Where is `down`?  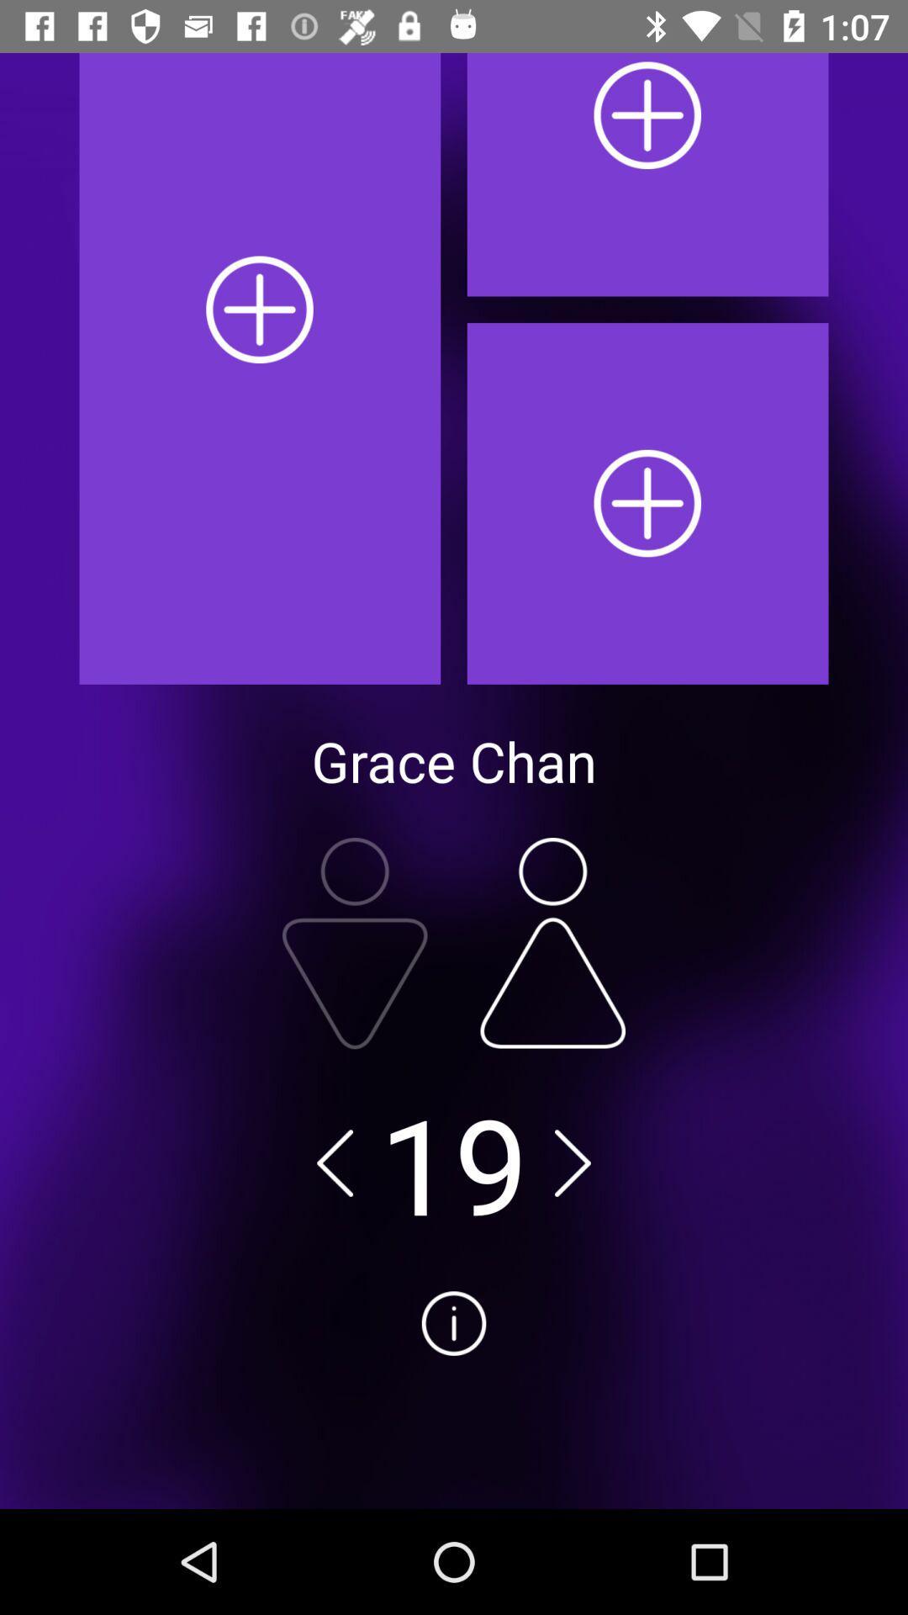
down is located at coordinates (354, 943).